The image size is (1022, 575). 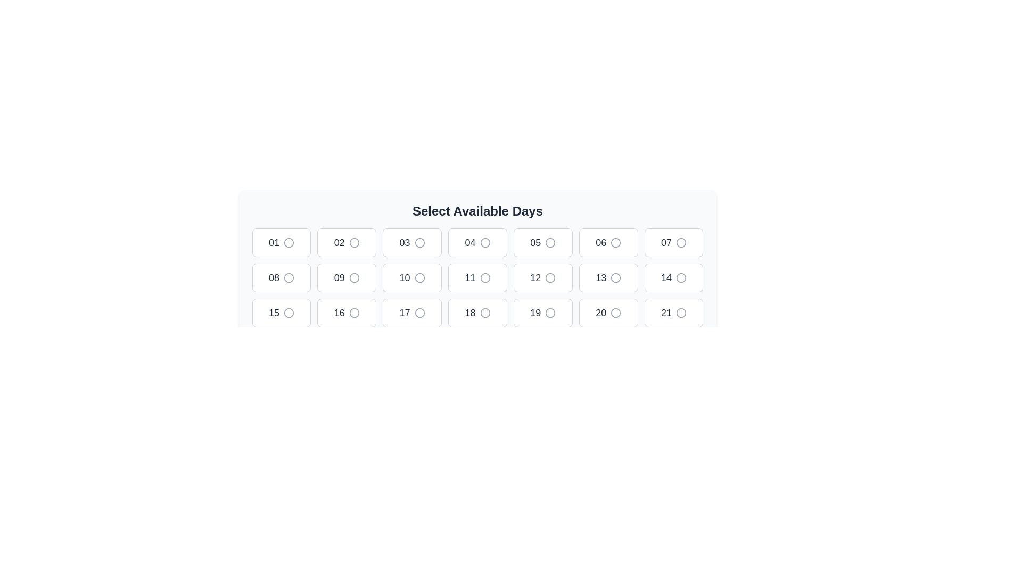 What do you see at coordinates (274, 277) in the screenshot?
I see `selectable date option '08' located in the second position of the second row in the calendar interface` at bounding box center [274, 277].